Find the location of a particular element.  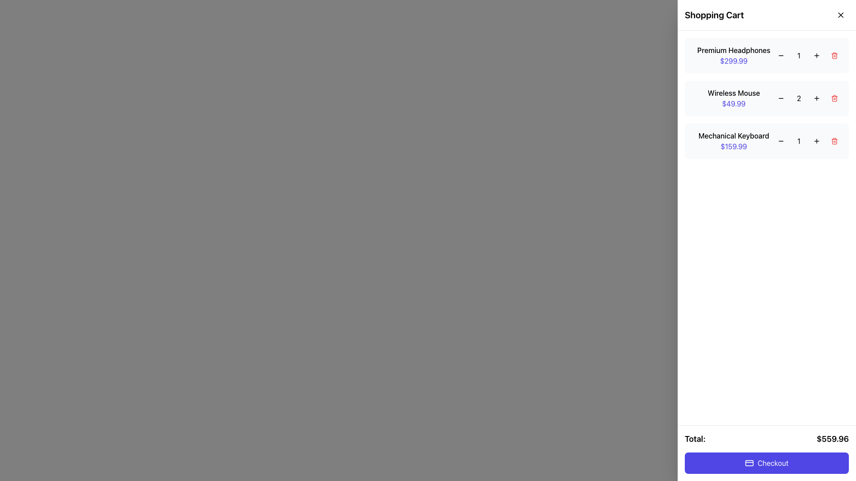

the decrement button icon for the 'Mechanical Keyboard' item in the shopping cart to reduce the quantity is located at coordinates (781, 140).